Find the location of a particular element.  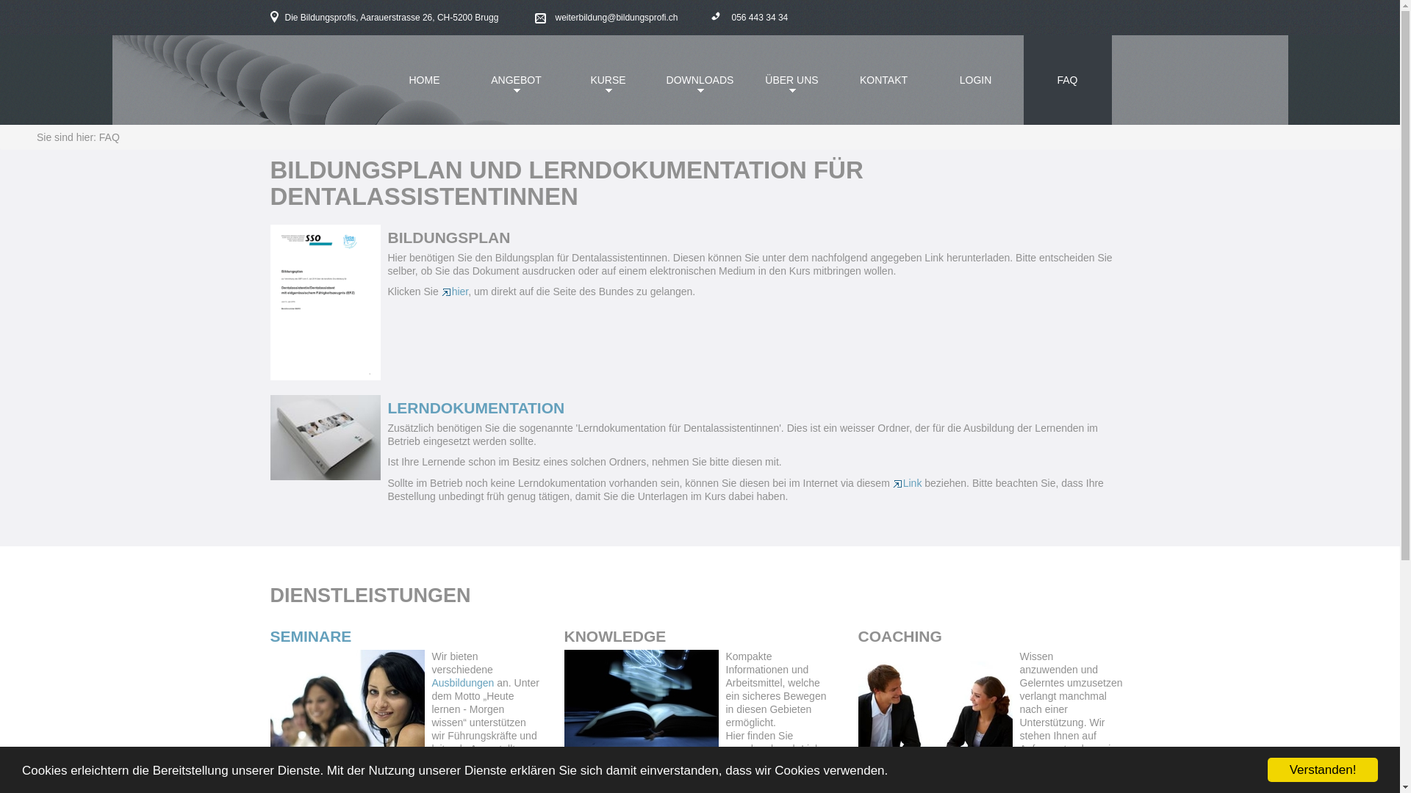

'Verstanden!' is located at coordinates (1323, 769).